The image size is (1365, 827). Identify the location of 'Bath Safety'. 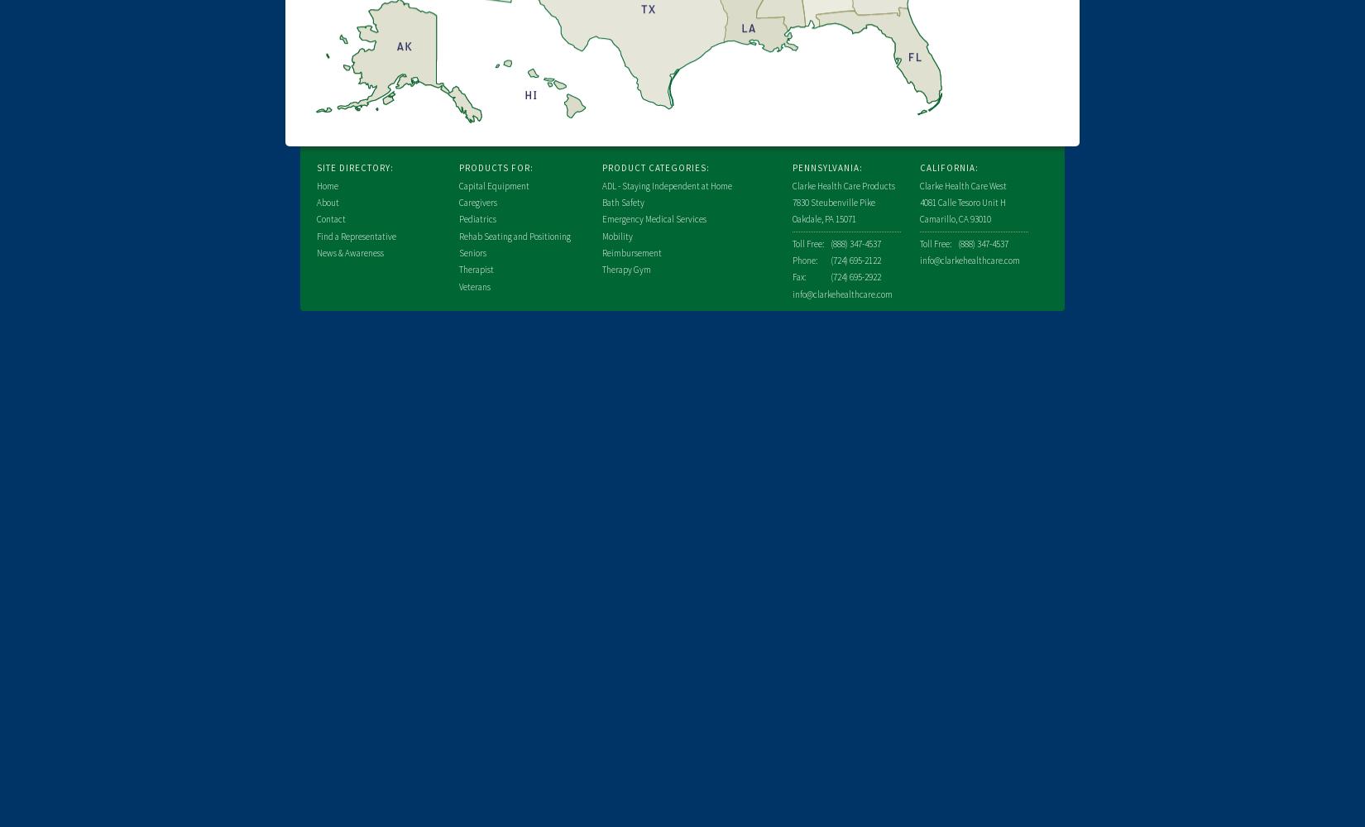
(621, 202).